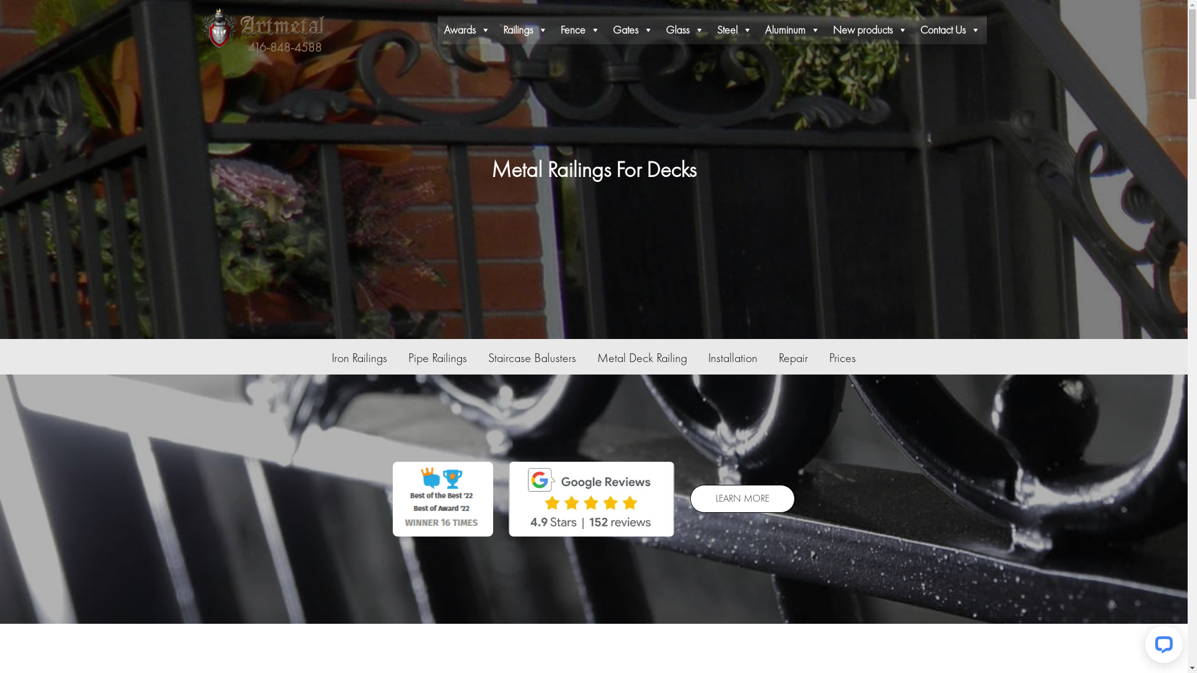 This screenshot has height=673, width=1197. Describe the element at coordinates (791, 29) in the screenshot. I see `'Aluminum'` at that location.